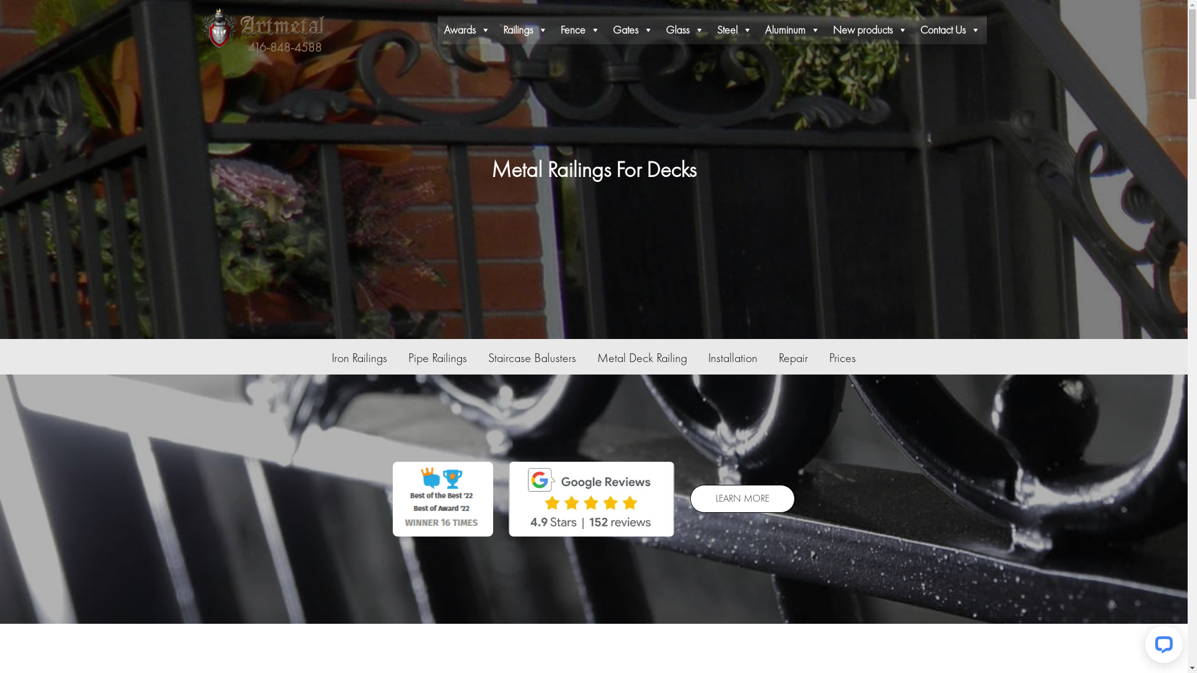 This screenshot has height=673, width=1197. Describe the element at coordinates (791, 29) in the screenshot. I see `'Aluminum'` at that location.